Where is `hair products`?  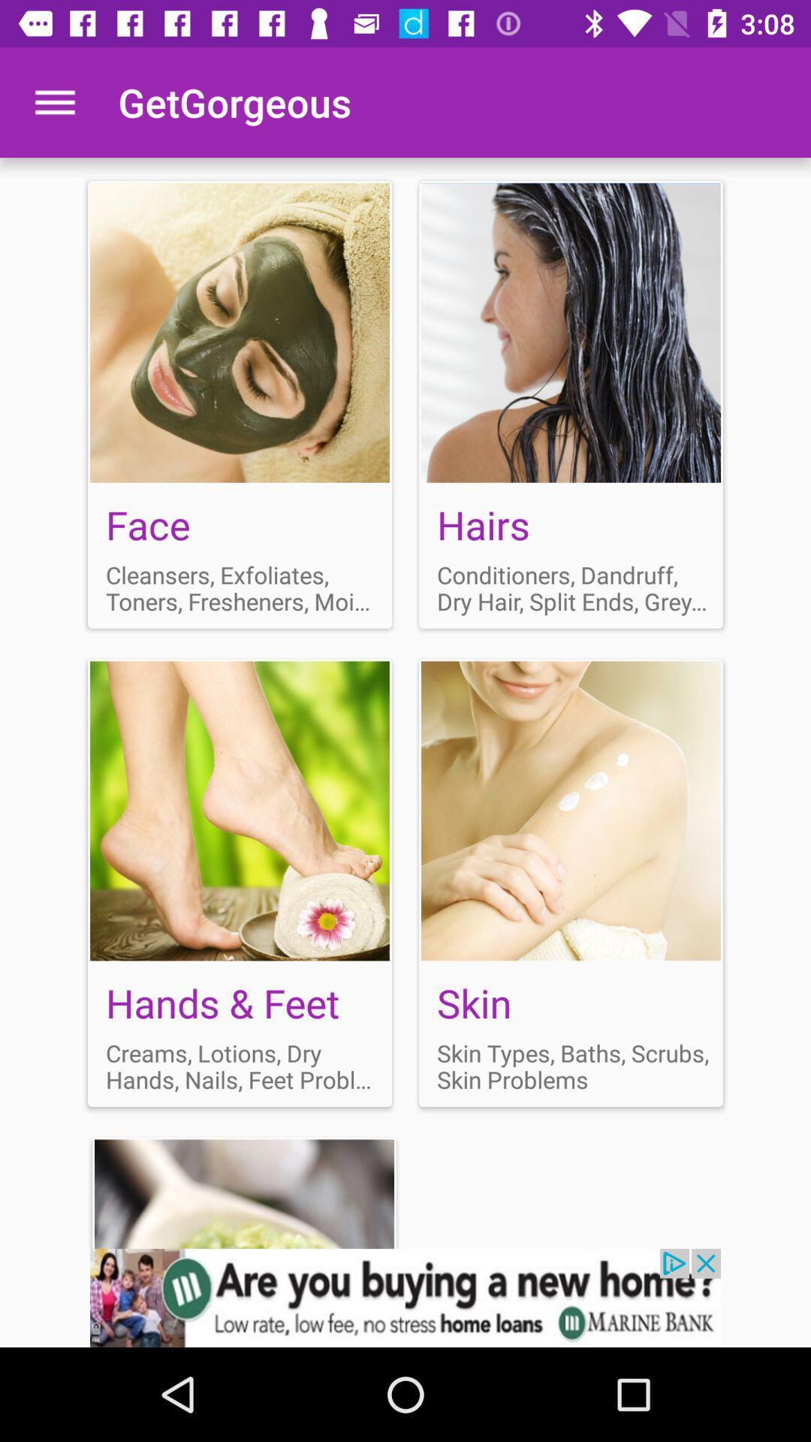
hair products is located at coordinates (571, 404).